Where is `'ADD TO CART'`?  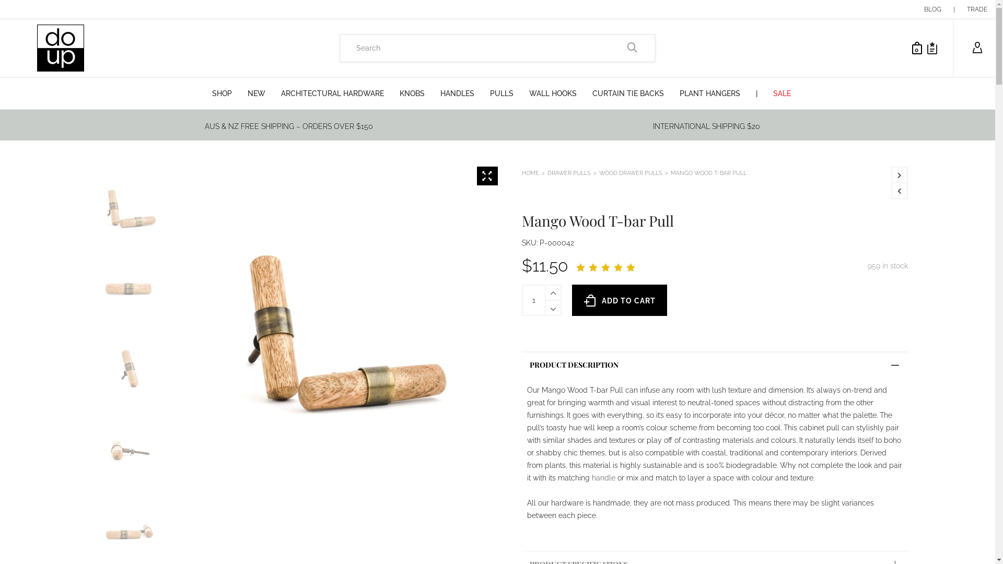 'ADD TO CART' is located at coordinates (619, 300).